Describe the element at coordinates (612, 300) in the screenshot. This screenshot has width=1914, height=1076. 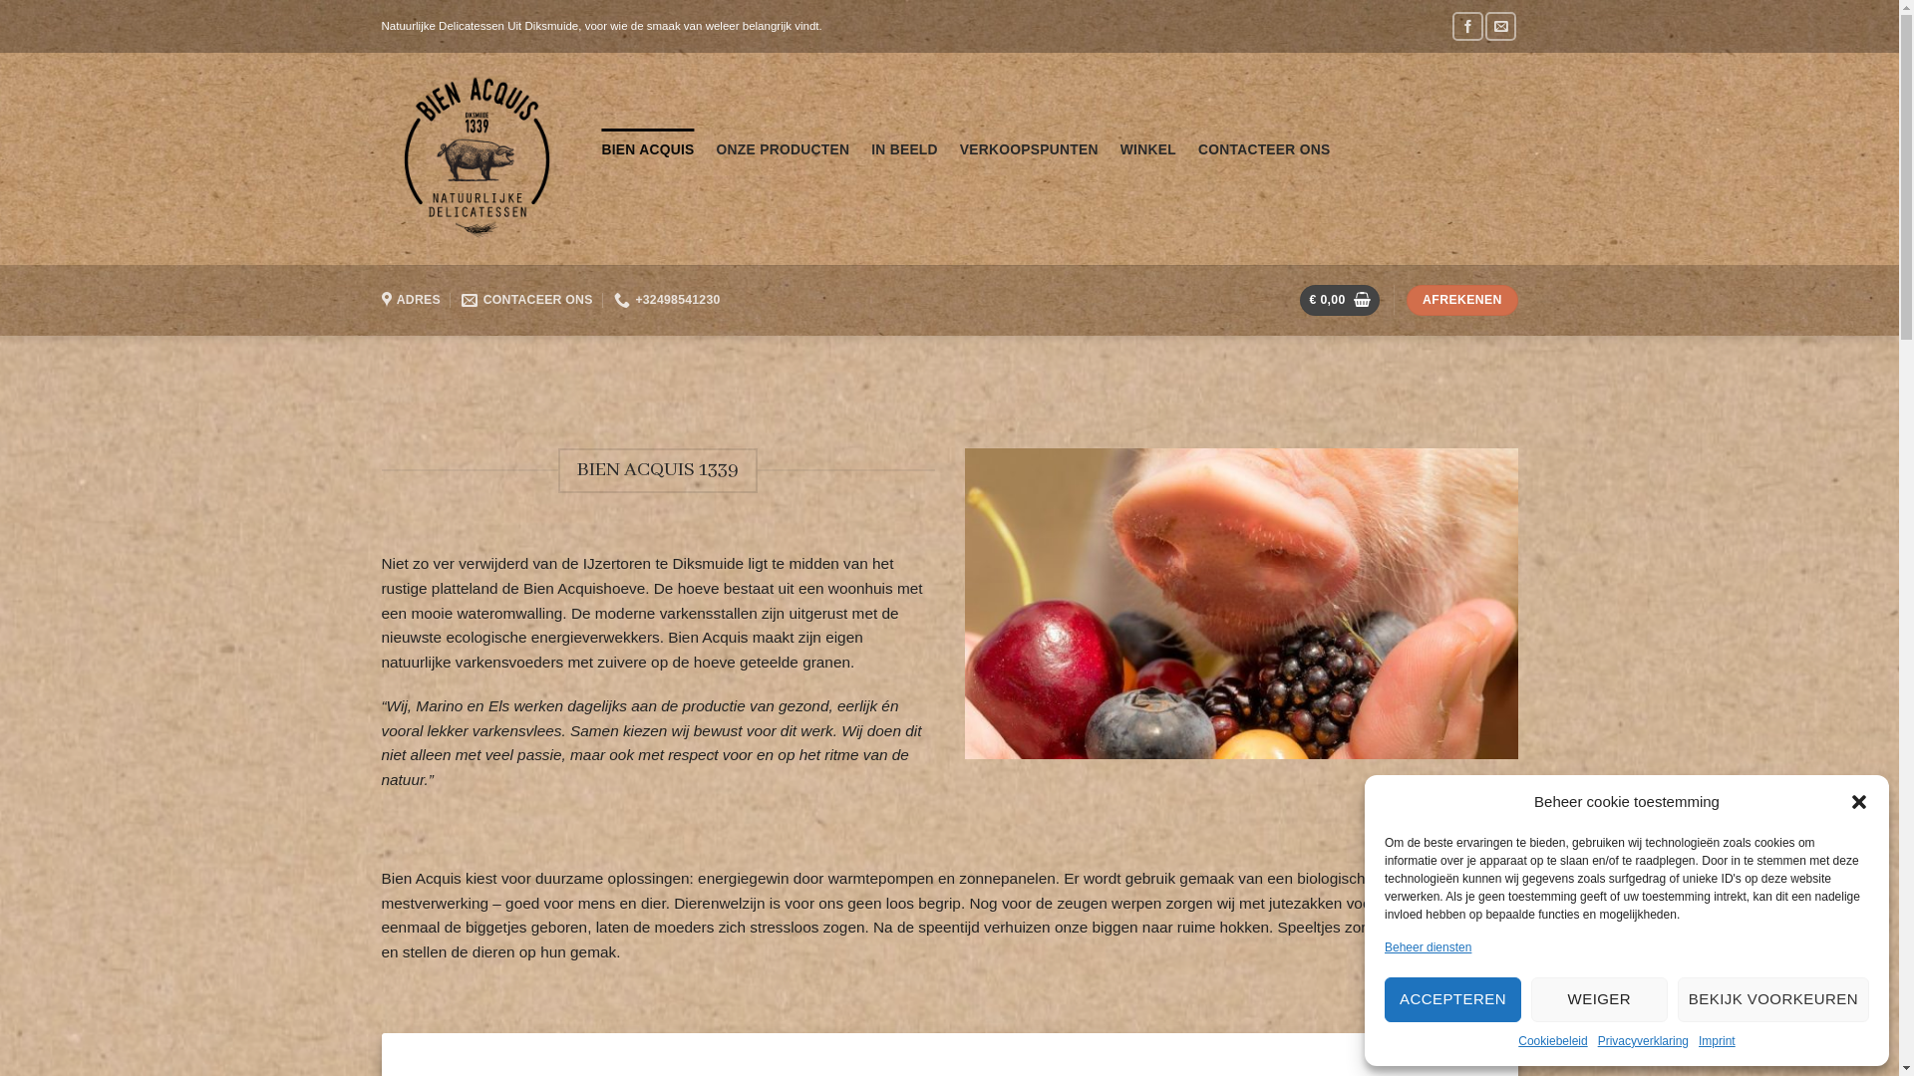
I see `'+32498541230'` at that location.